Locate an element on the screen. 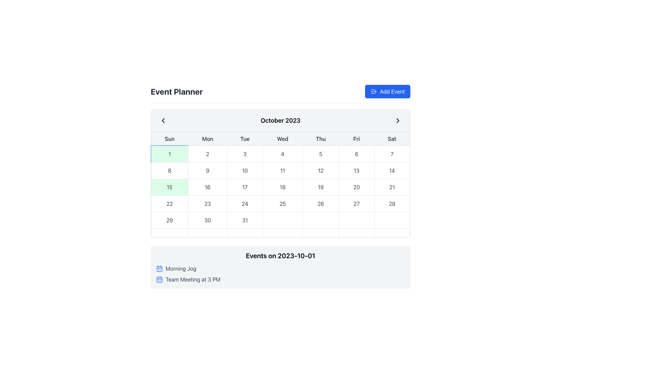  the Text Cell representing the date '4' in the Calendar Grid Layout is located at coordinates (281, 154).